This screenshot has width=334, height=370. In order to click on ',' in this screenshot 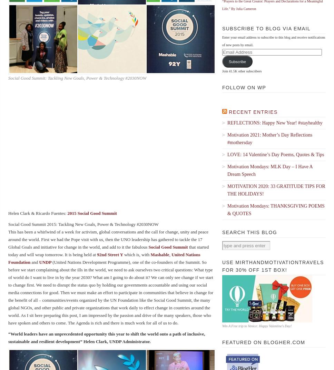, I will do `click(170, 254)`.